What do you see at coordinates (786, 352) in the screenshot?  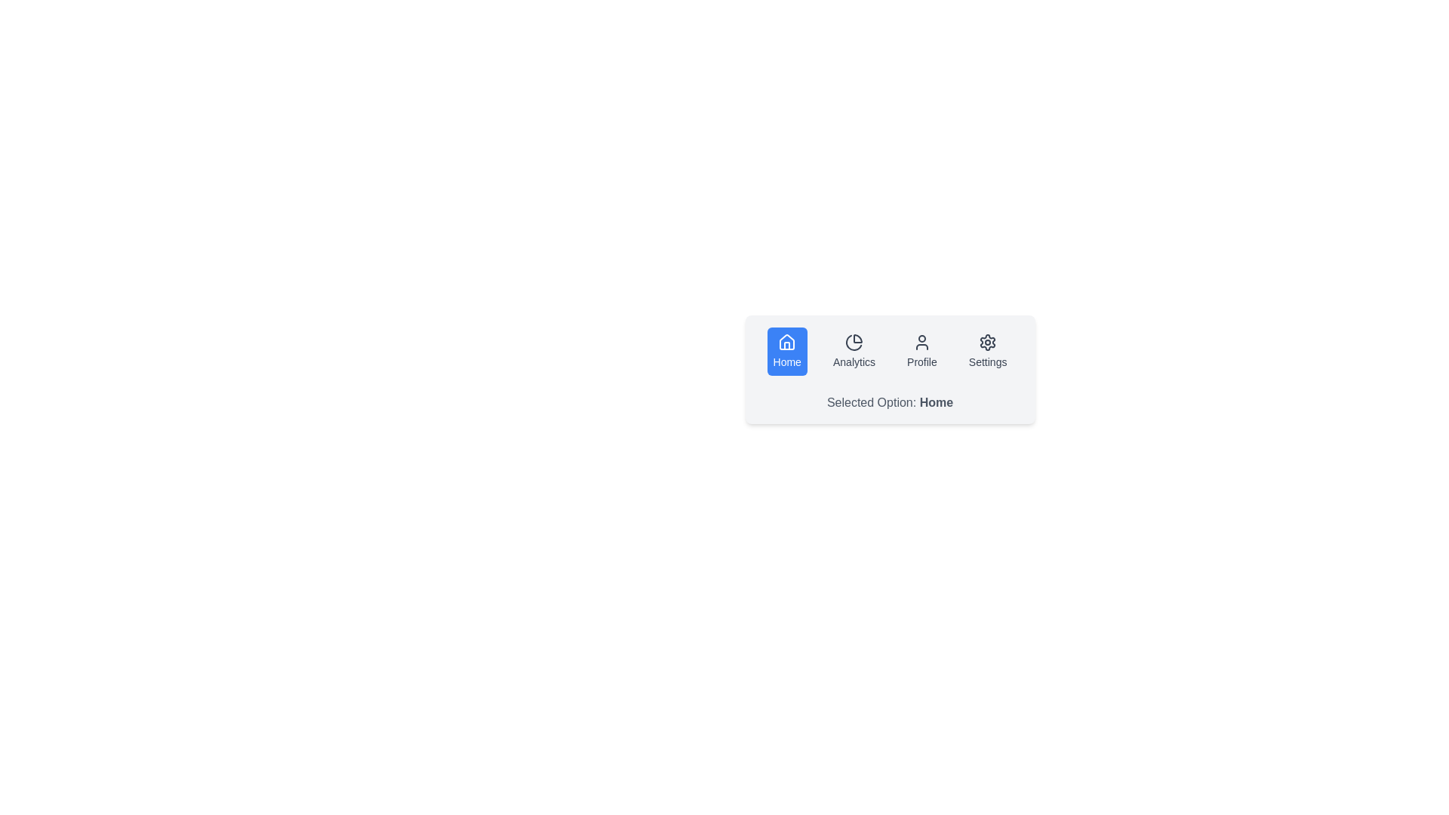 I see `the blue rounded rectangular button labeled 'Home' with a house icon` at bounding box center [786, 352].